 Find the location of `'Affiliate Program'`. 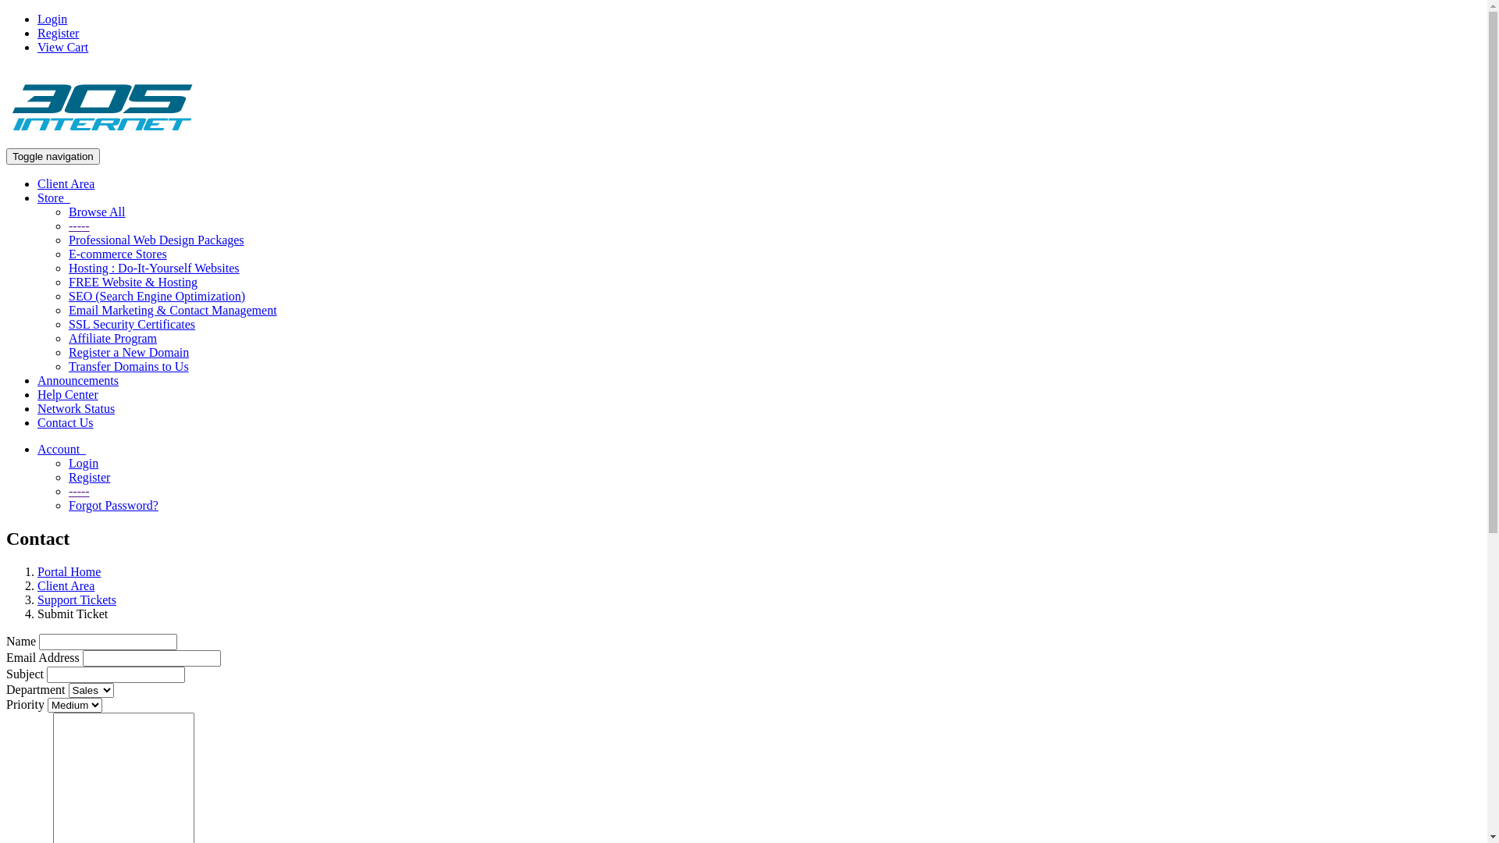

'Affiliate Program' is located at coordinates (67, 337).